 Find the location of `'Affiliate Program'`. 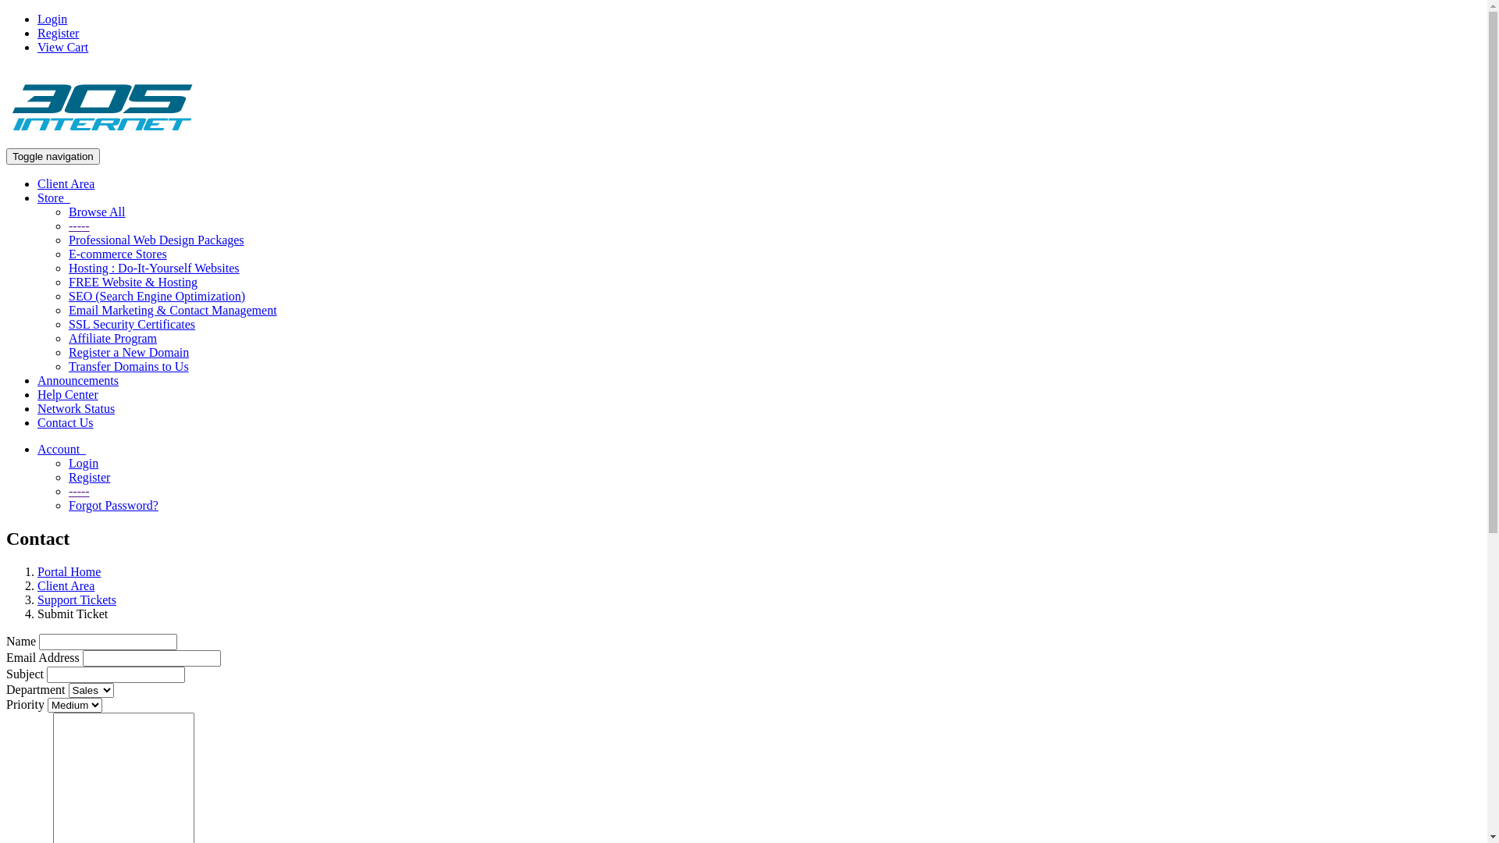

'Affiliate Program' is located at coordinates (67, 337).